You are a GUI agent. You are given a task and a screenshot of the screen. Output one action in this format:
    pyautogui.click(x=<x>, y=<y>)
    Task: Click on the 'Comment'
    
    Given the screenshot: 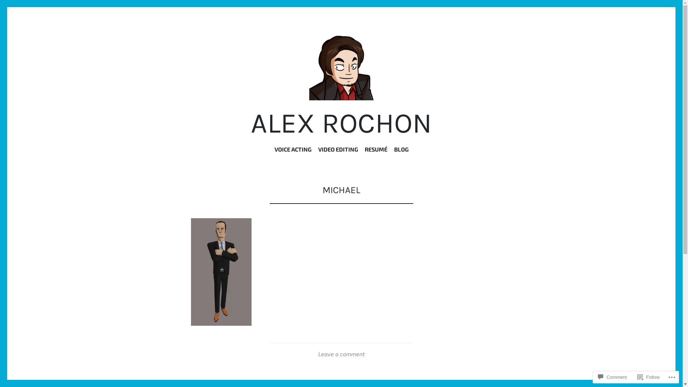 What is the action you would take?
    pyautogui.click(x=595, y=377)
    